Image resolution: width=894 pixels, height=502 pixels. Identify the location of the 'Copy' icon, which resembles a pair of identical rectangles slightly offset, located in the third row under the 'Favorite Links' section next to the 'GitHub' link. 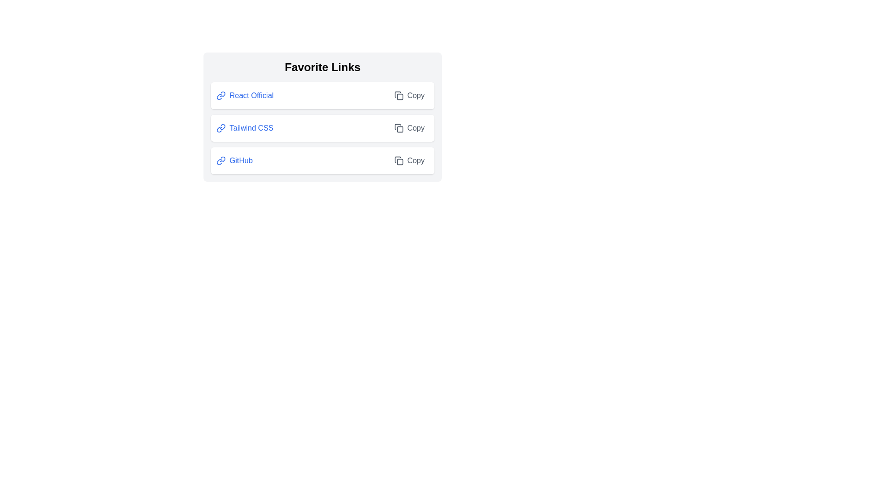
(399, 160).